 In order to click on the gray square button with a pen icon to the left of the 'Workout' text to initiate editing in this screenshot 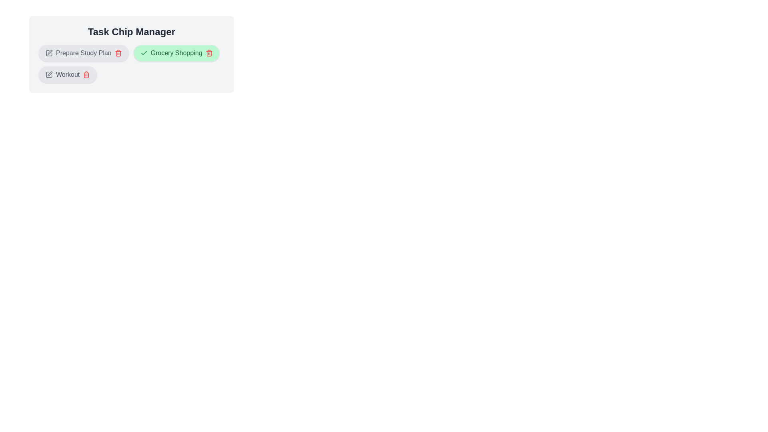, I will do `click(49, 74)`.